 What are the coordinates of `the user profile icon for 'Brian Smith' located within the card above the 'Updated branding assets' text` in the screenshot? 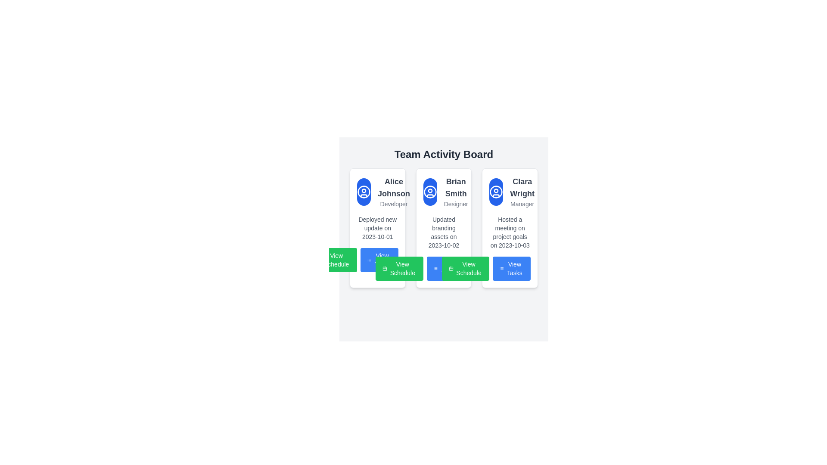 It's located at (430, 192).